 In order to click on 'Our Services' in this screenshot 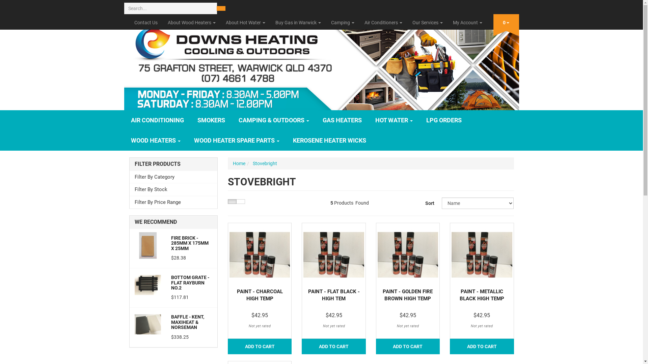, I will do `click(427, 22)`.